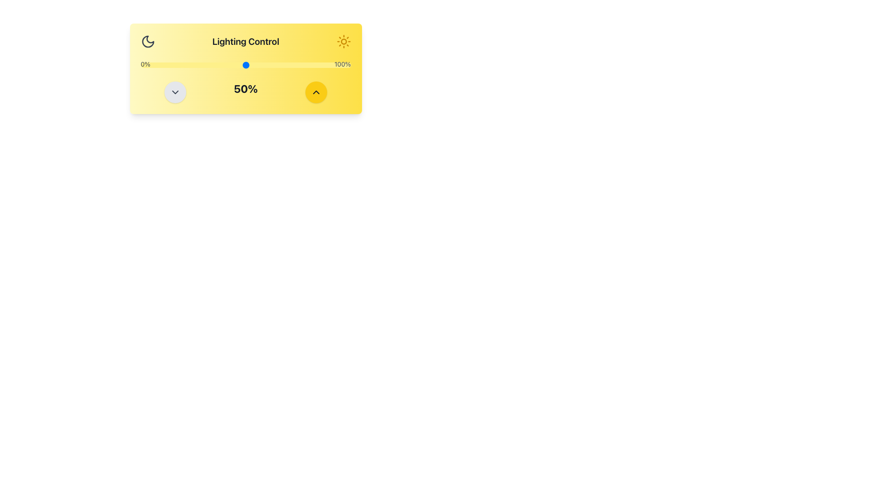 This screenshot has height=489, width=870. Describe the element at coordinates (342, 64) in the screenshot. I see `the static text label displaying '100%' on a light yellow background, which indicates the maximum value of the slider component` at that location.